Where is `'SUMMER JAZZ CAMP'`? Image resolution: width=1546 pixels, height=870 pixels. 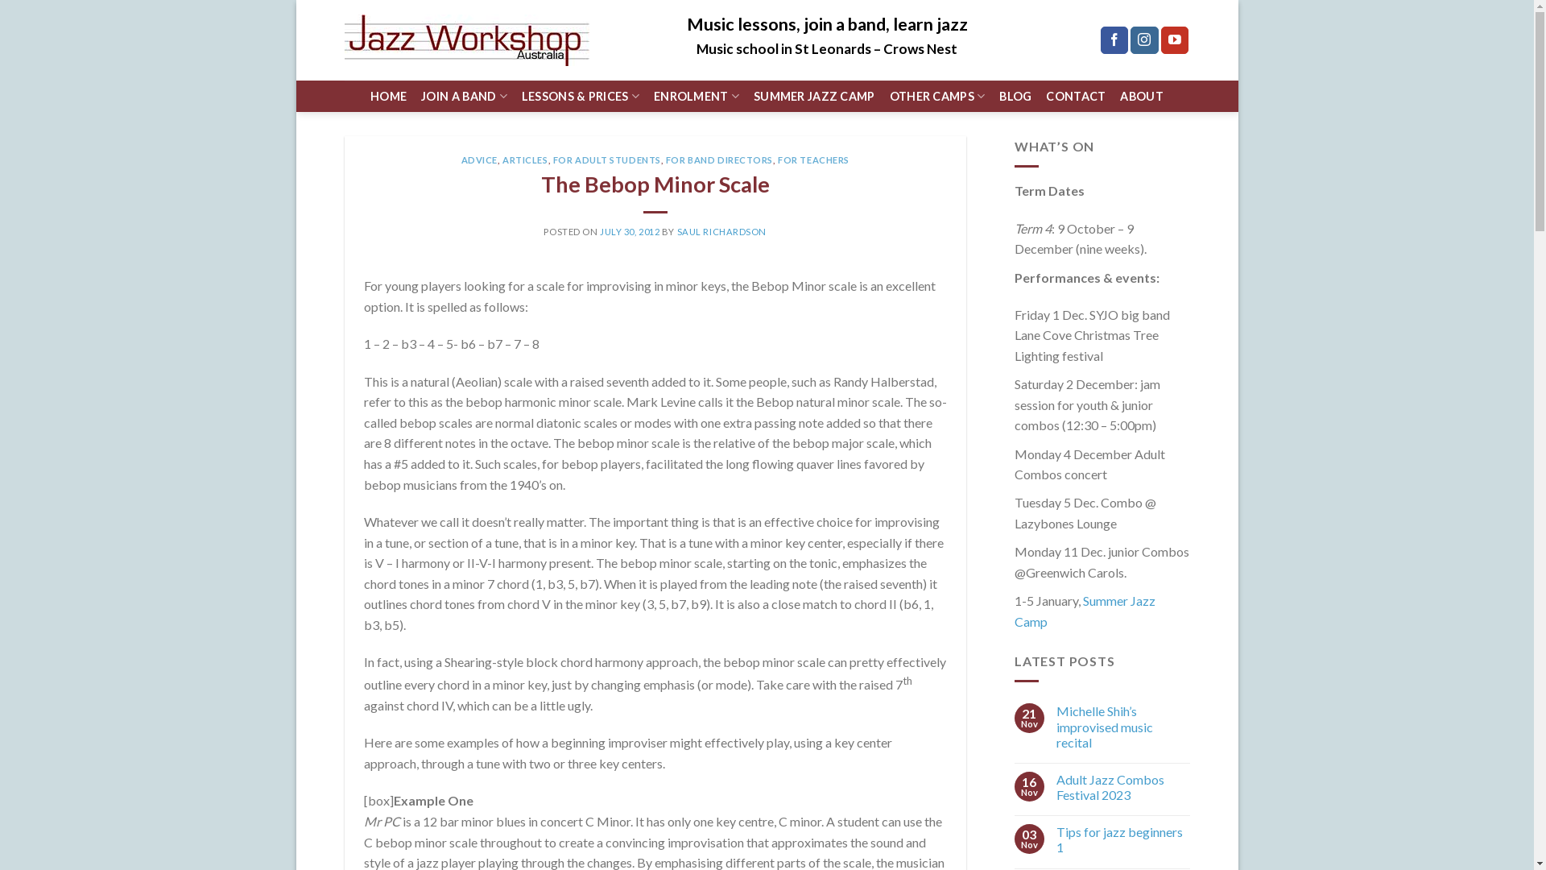 'SUMMER JAZZ CAMP' is located at coordinates (814, 96).